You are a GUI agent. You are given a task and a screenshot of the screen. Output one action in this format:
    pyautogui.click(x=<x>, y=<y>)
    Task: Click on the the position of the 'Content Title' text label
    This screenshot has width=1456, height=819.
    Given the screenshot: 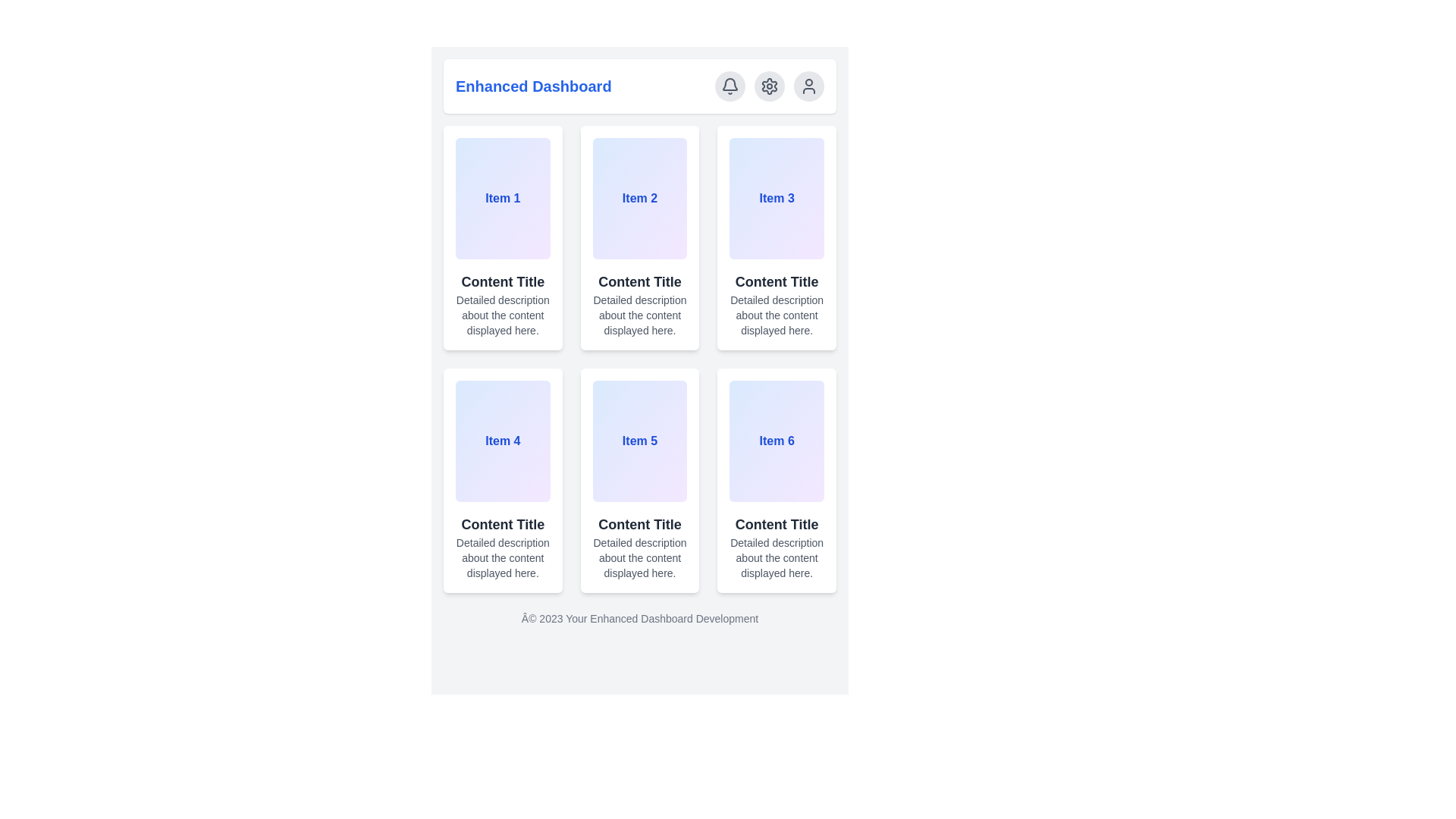 What is the action you would take?
    pyautogui.click(x=777, y=281)
    